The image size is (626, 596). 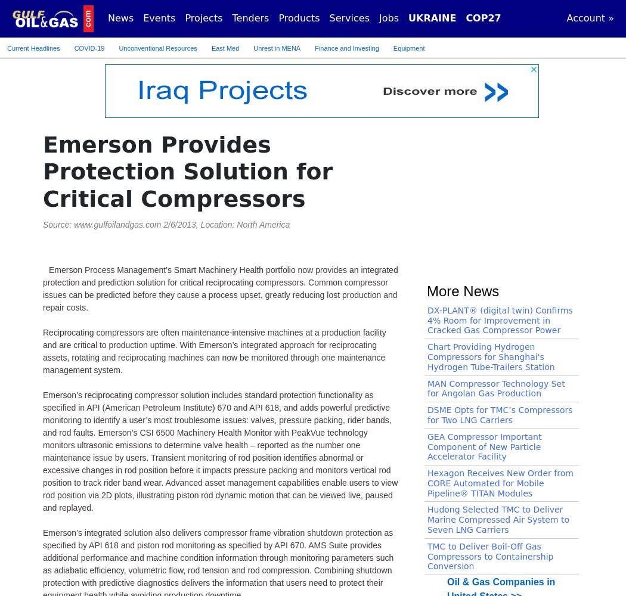 I want to click on 'Compressors, Cylinders', so click(x=171, y=566).